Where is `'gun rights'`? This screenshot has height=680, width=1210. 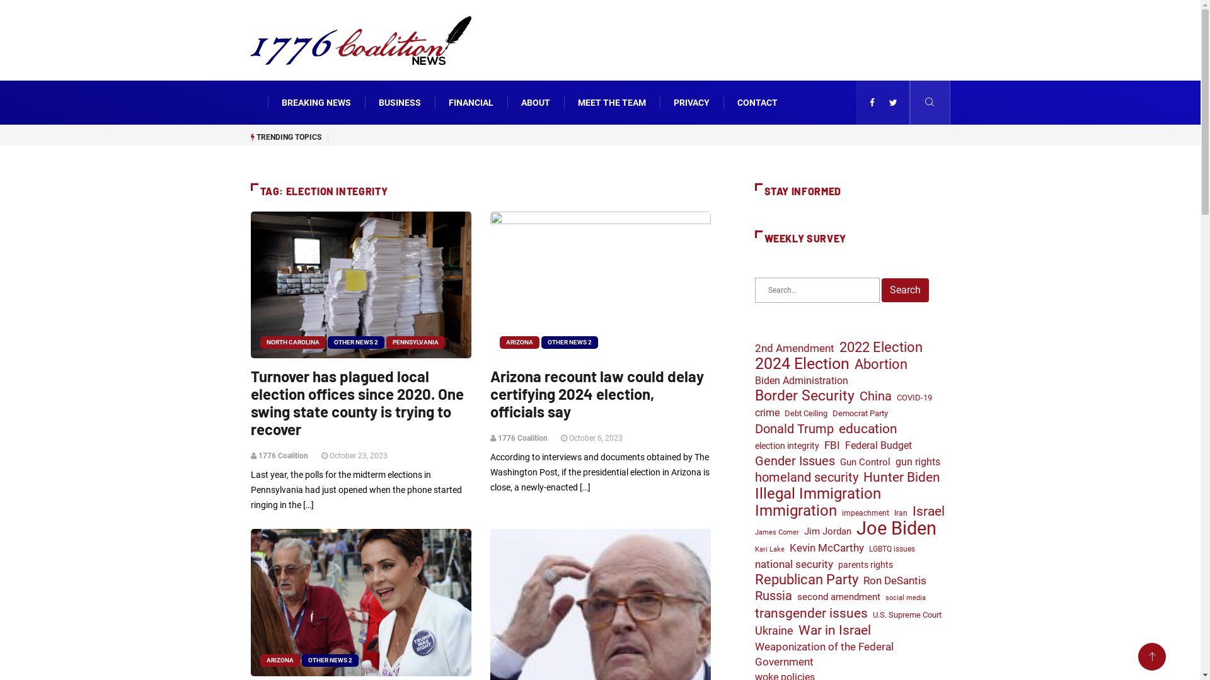 'gun rights' is located at coordinates (917, 462).